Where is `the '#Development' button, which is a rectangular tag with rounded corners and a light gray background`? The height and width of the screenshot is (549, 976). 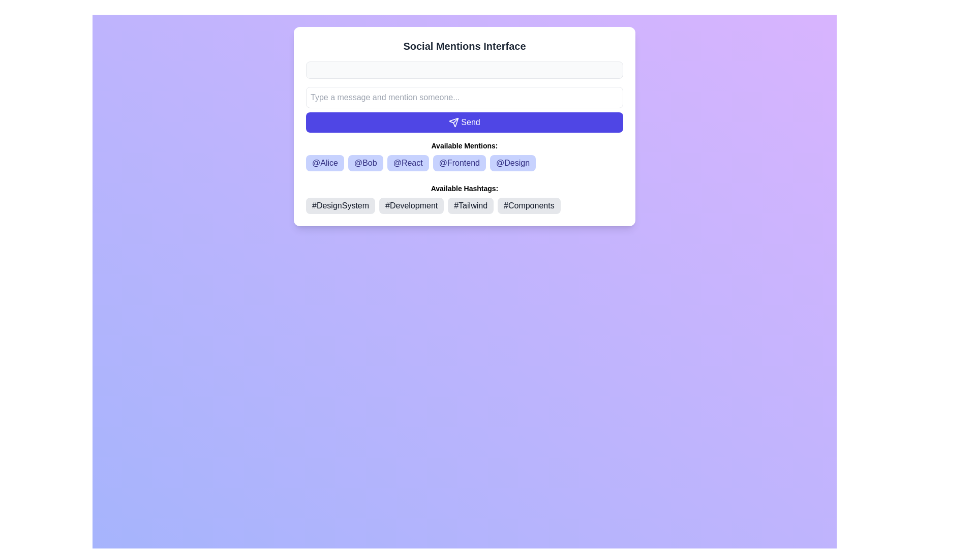
the '#Development' button, which is a rectangular tag with rounded corners and a light gray background is located at coordinates (411, 206).